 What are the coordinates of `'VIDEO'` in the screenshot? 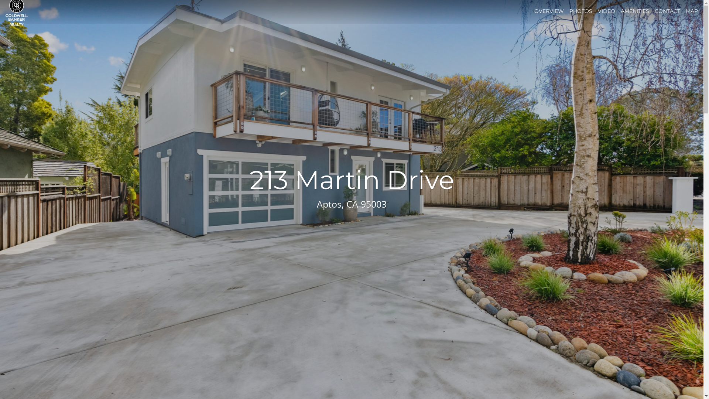 It's located at (606, 11).